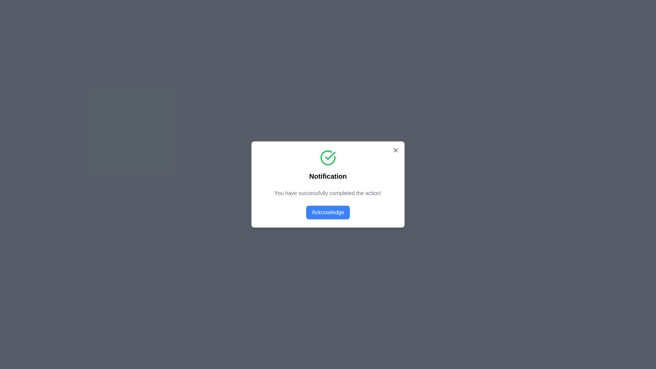 This screenshot has height=369, width=656. Describe the element at coordinates (395, 150) in the screenshot. I see `the 'X' close button in the top-right corner of the modal to observe the color change effect` at that location.